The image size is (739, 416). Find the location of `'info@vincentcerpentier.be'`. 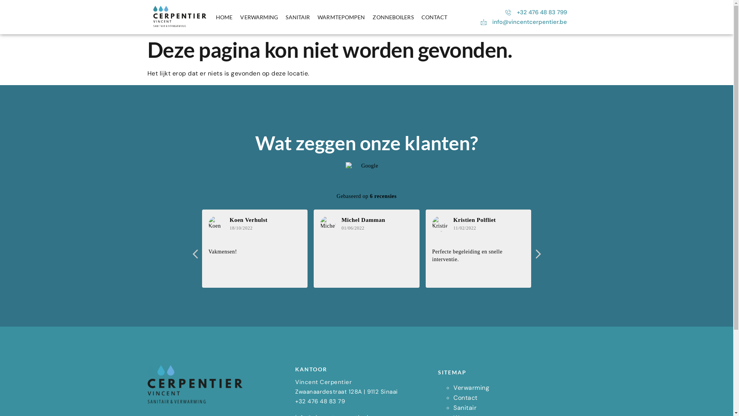

'info@vincentcerpentier.be' is located at coordinates (523, 22).